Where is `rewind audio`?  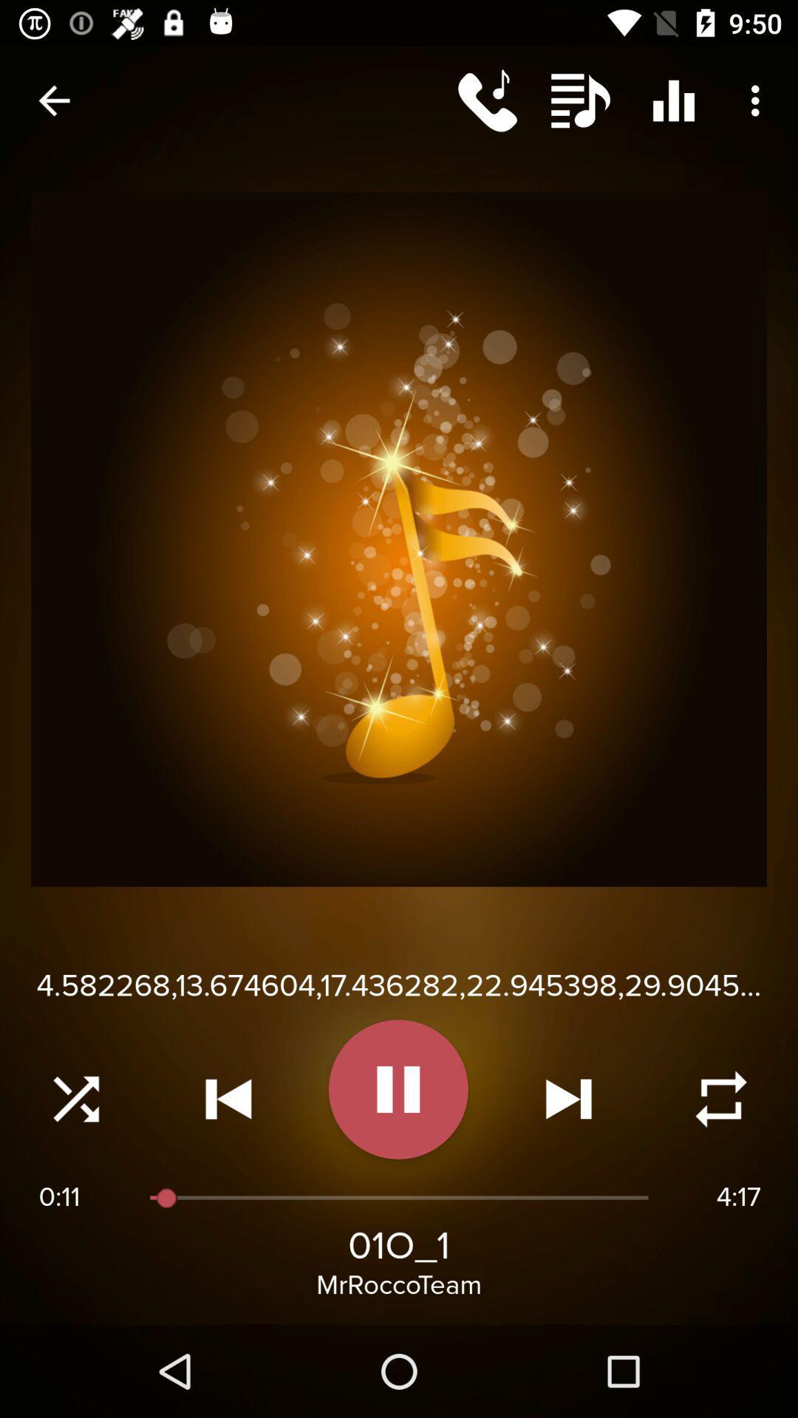 rewind audio is located at coordinates (228, 1099).